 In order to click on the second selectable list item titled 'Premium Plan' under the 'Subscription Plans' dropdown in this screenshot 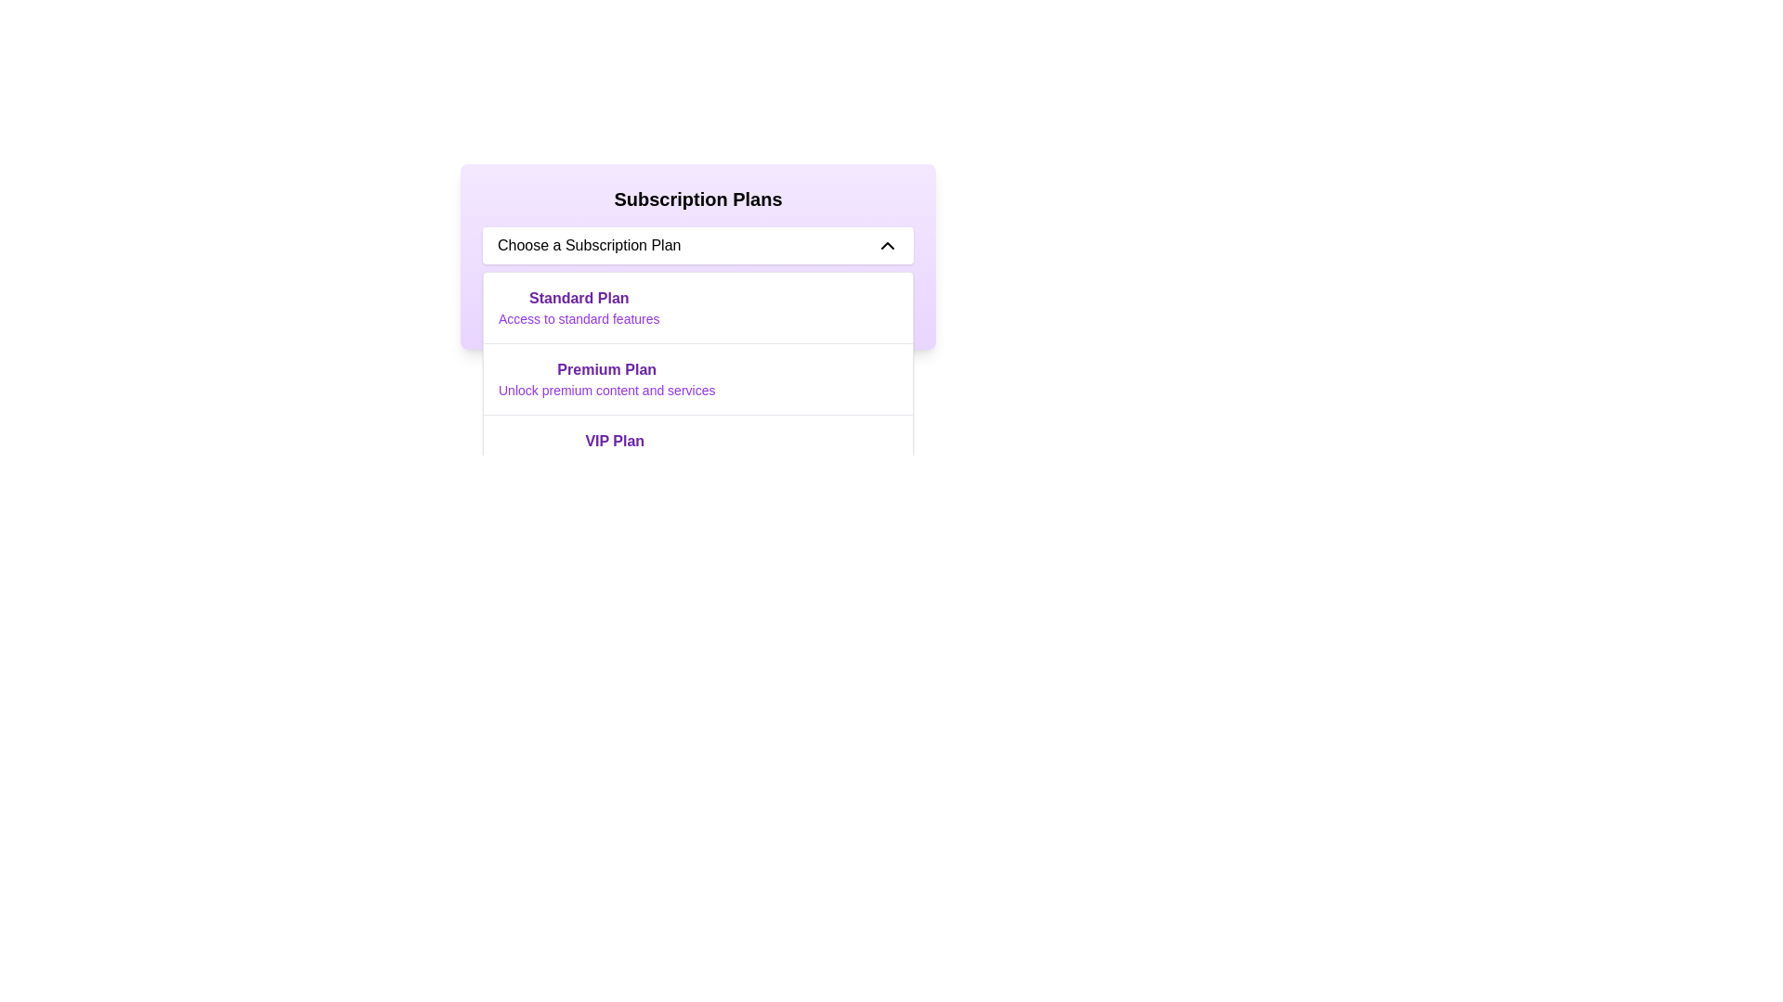, I will do `click(697, 378)`.